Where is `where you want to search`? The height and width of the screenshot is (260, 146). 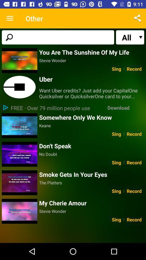 where you want to search is located at coordinates (58, 37).